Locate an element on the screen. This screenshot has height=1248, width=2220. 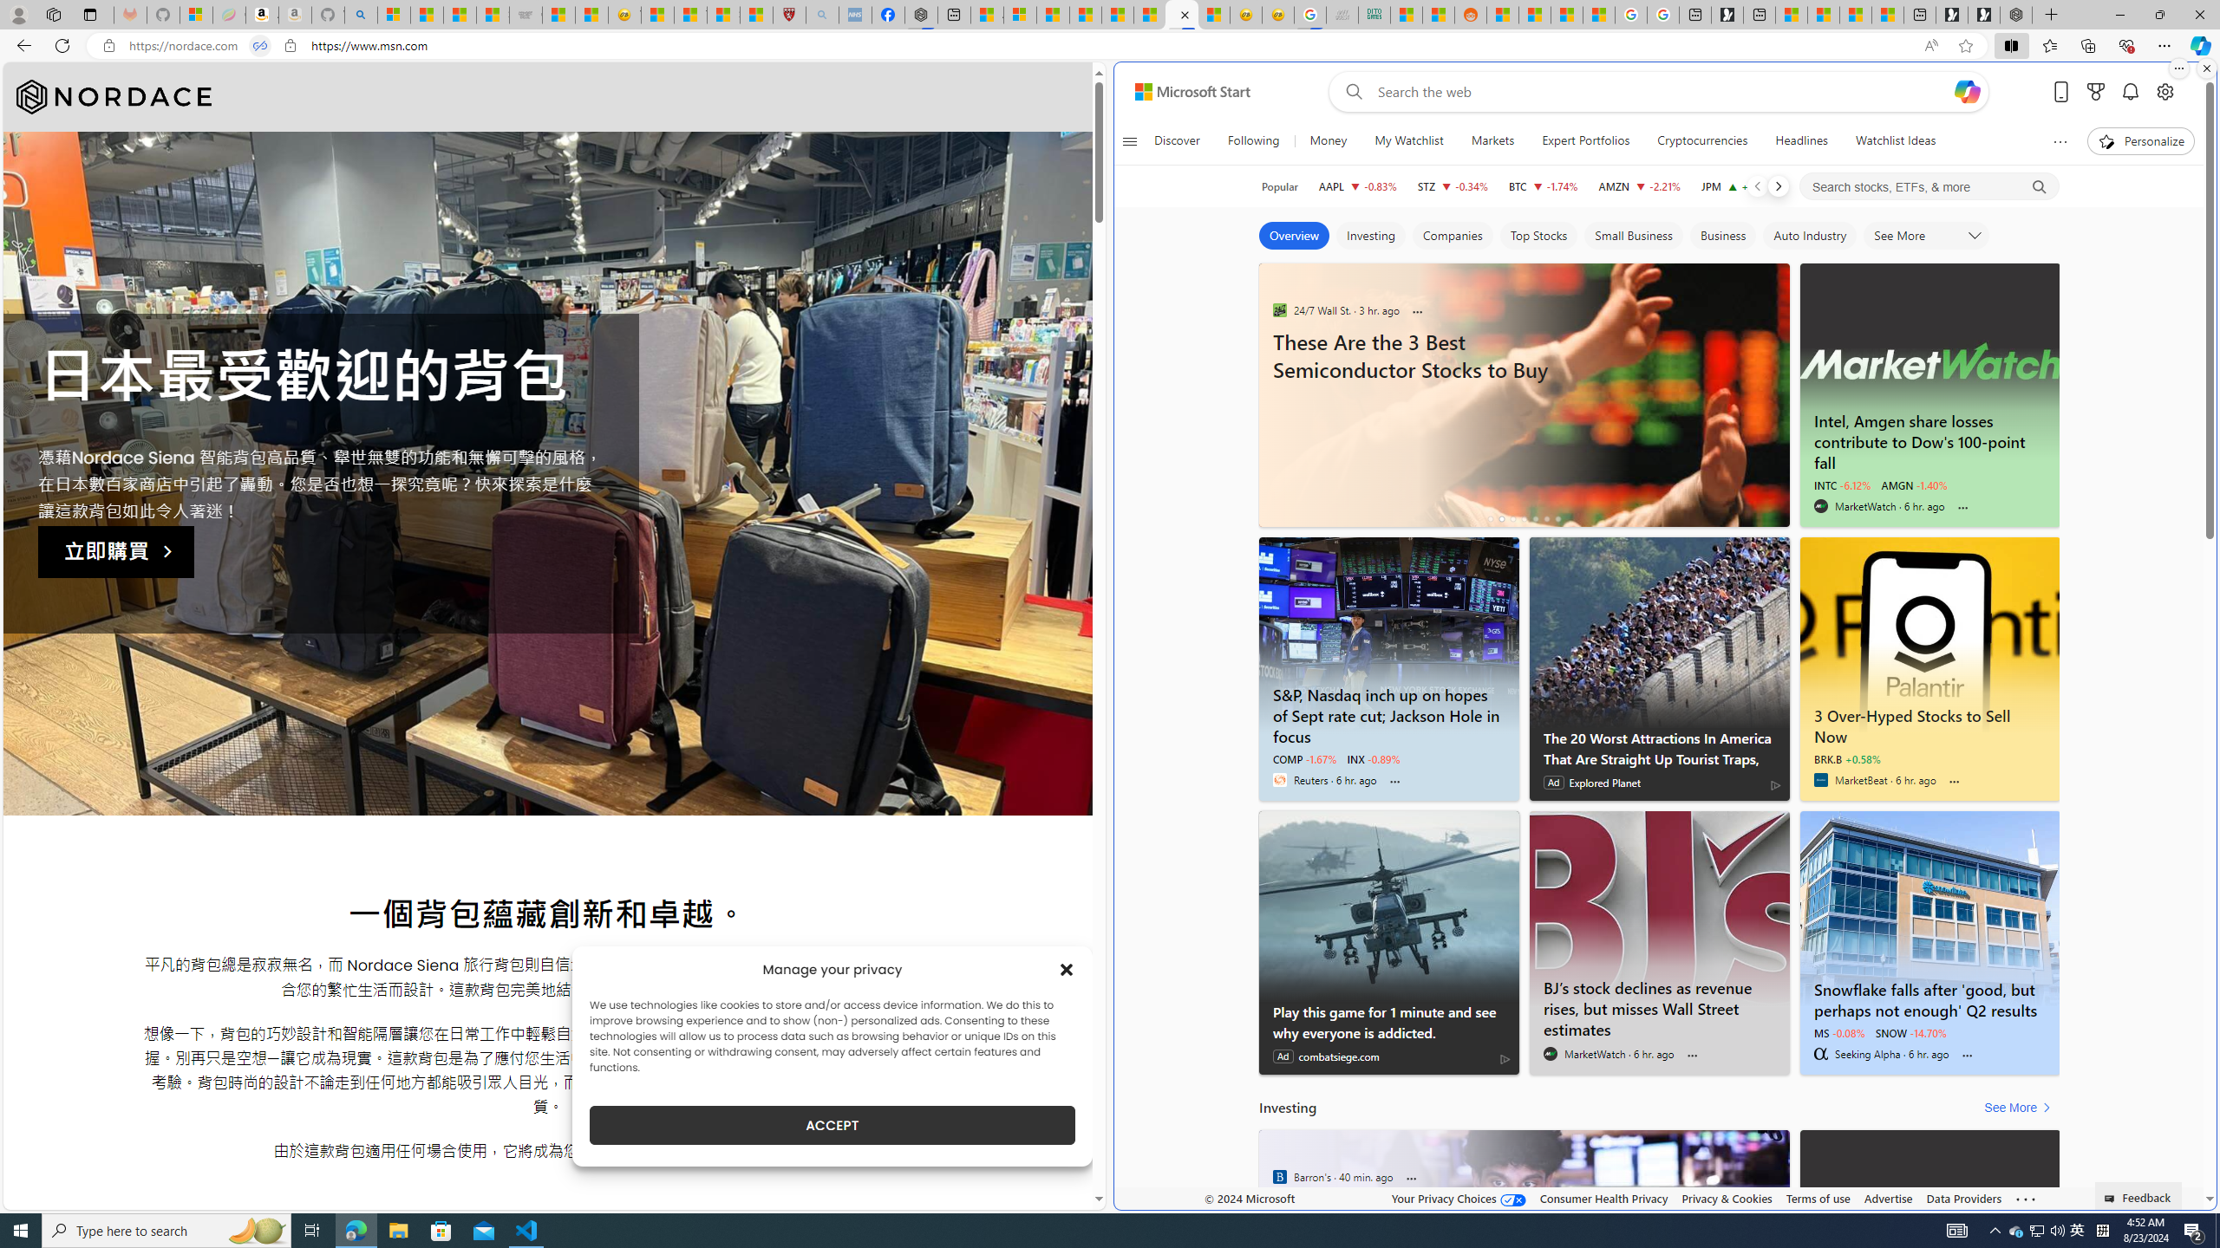
'Watchlist Ideas' is located at coordinates (1895, 140).